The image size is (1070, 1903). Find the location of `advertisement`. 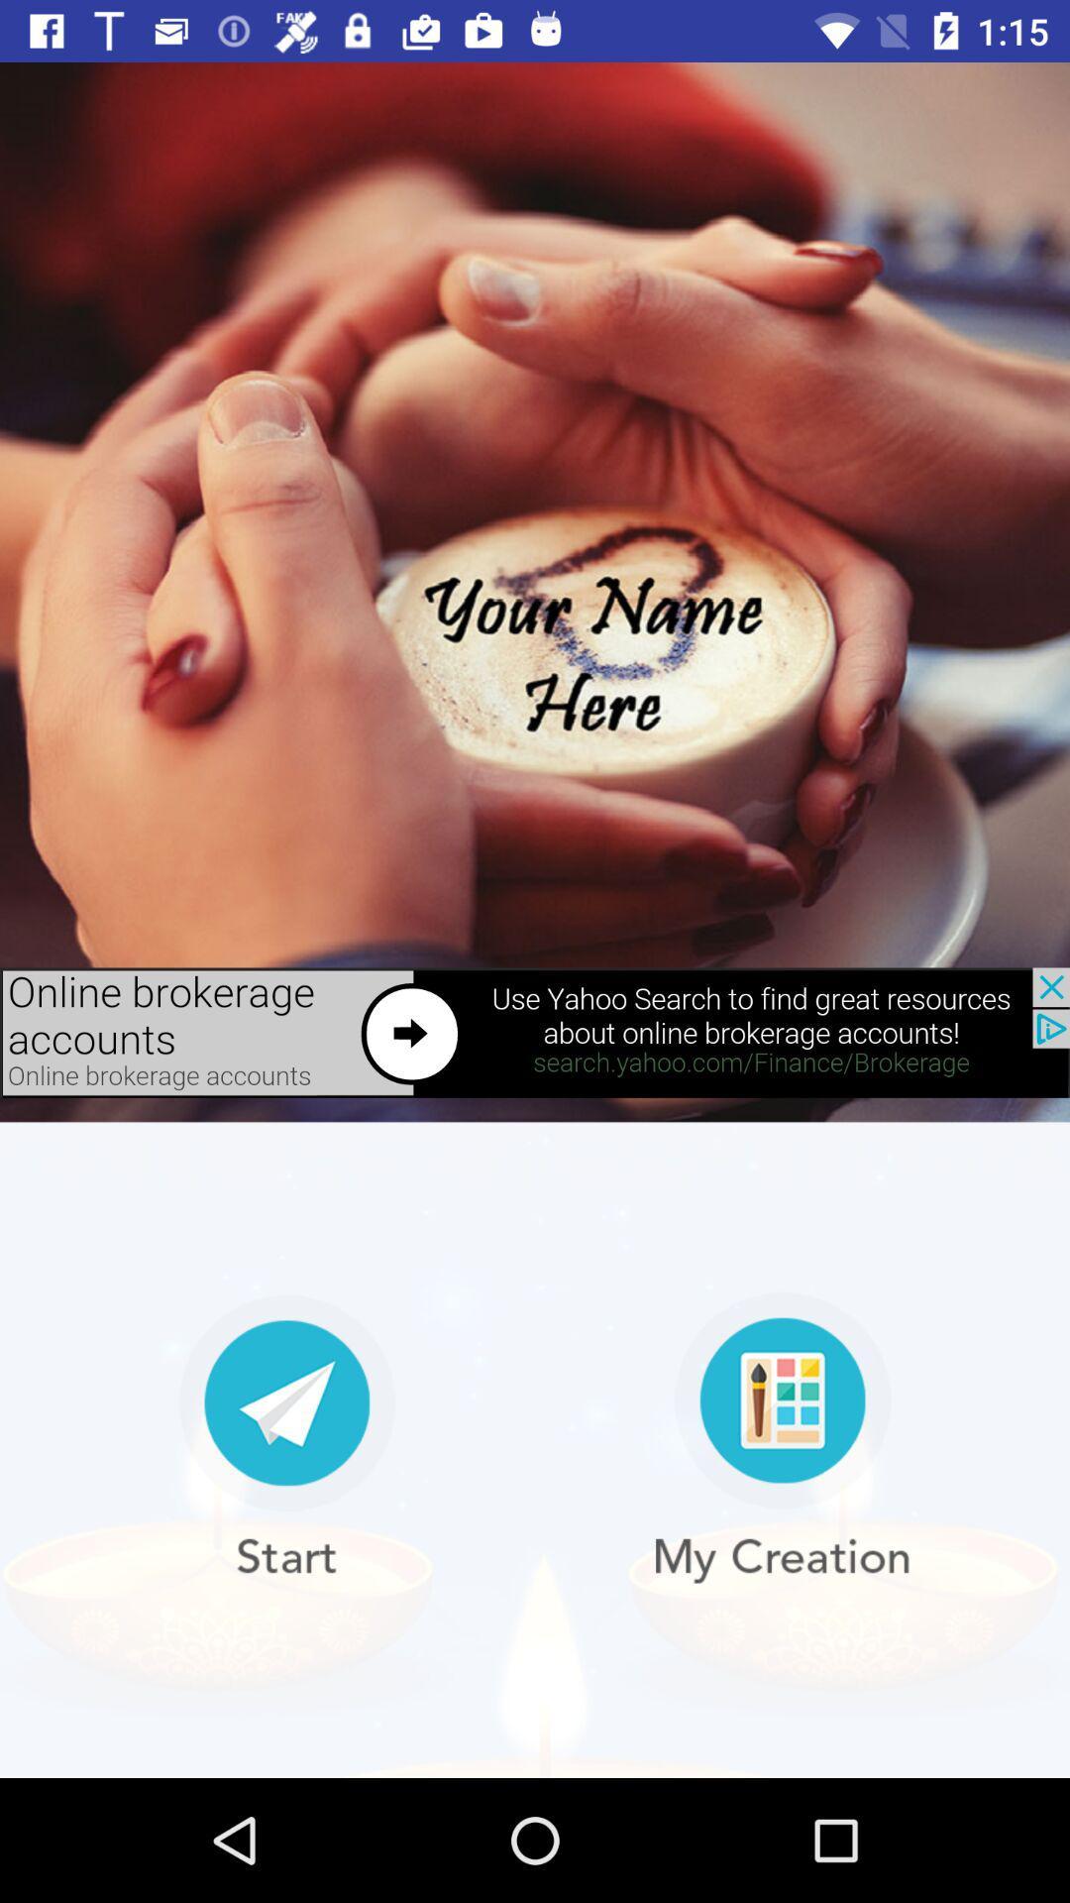

advertisement is located at coordinates (535, 1032).